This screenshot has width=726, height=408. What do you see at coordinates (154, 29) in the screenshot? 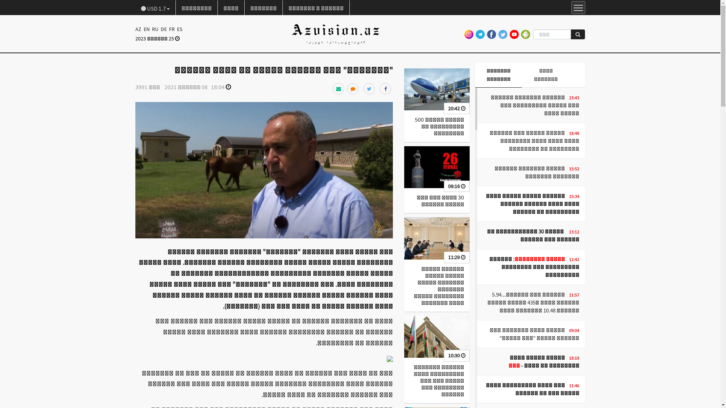
I see `'RU'` at bounding box center [154, 29].